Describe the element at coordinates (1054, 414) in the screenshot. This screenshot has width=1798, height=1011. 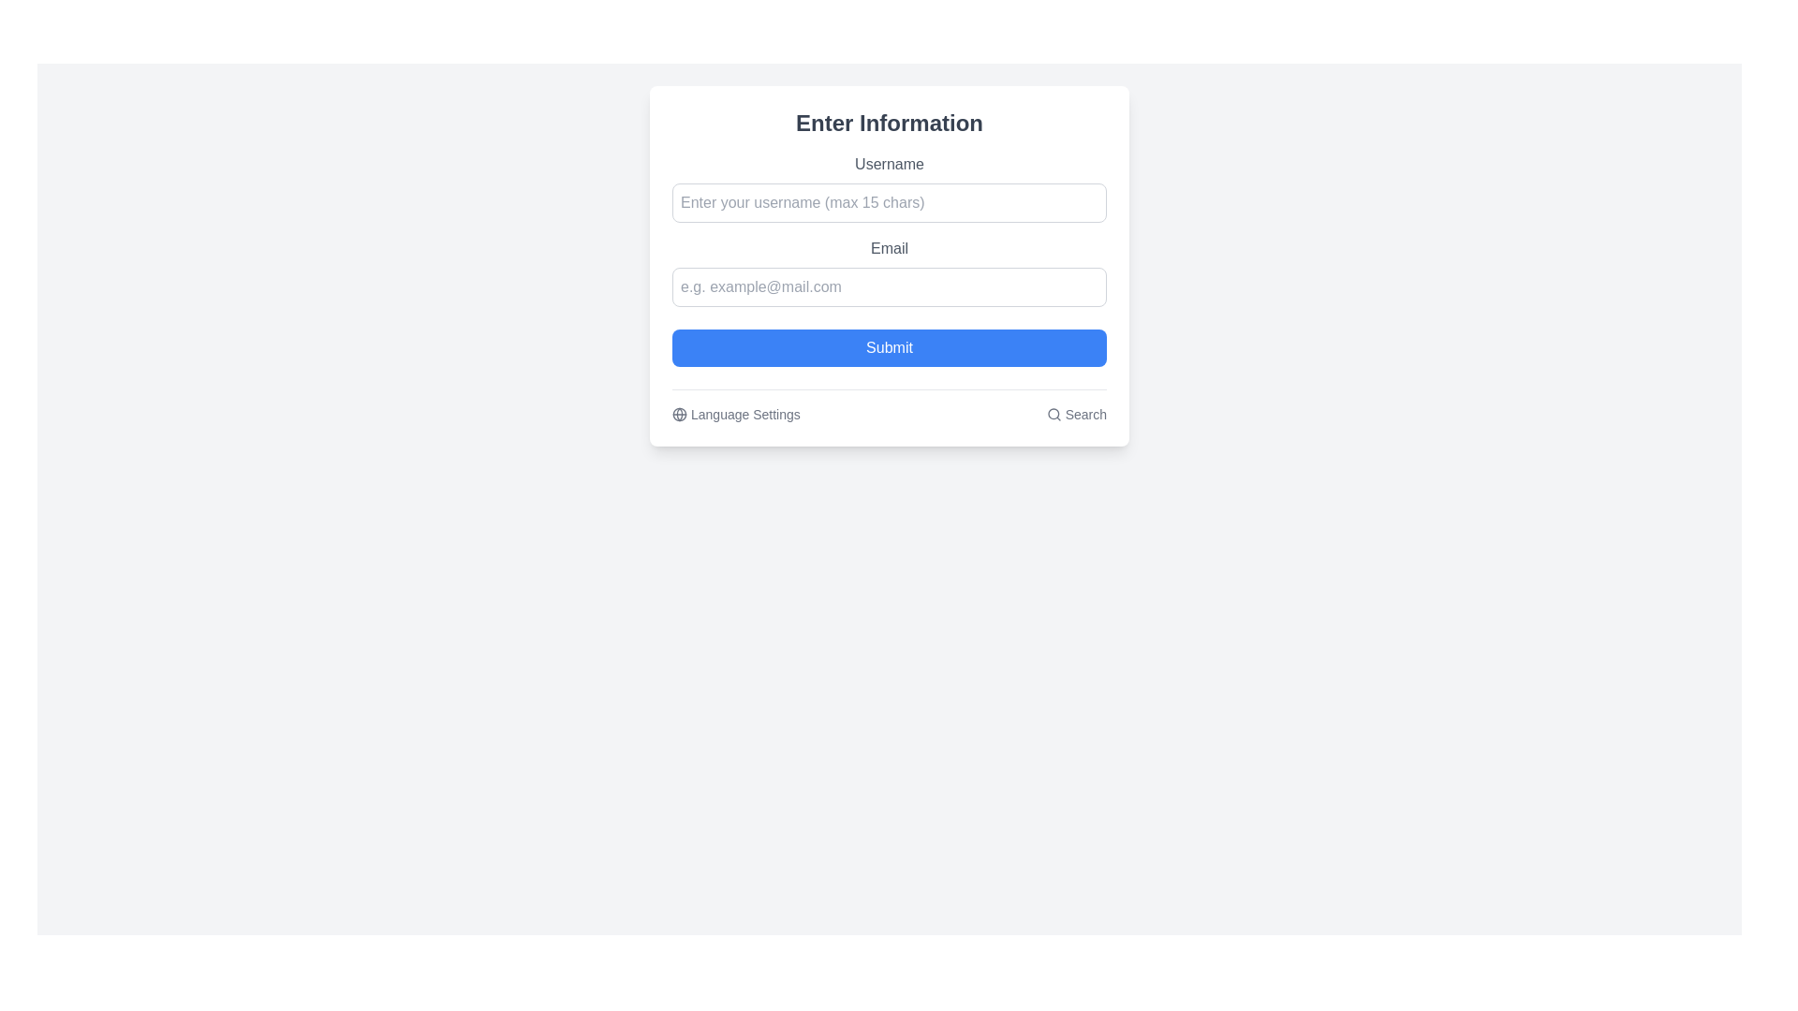
I see `the magnifying glass icon located at the bottom-right corner of the form card` at that location.